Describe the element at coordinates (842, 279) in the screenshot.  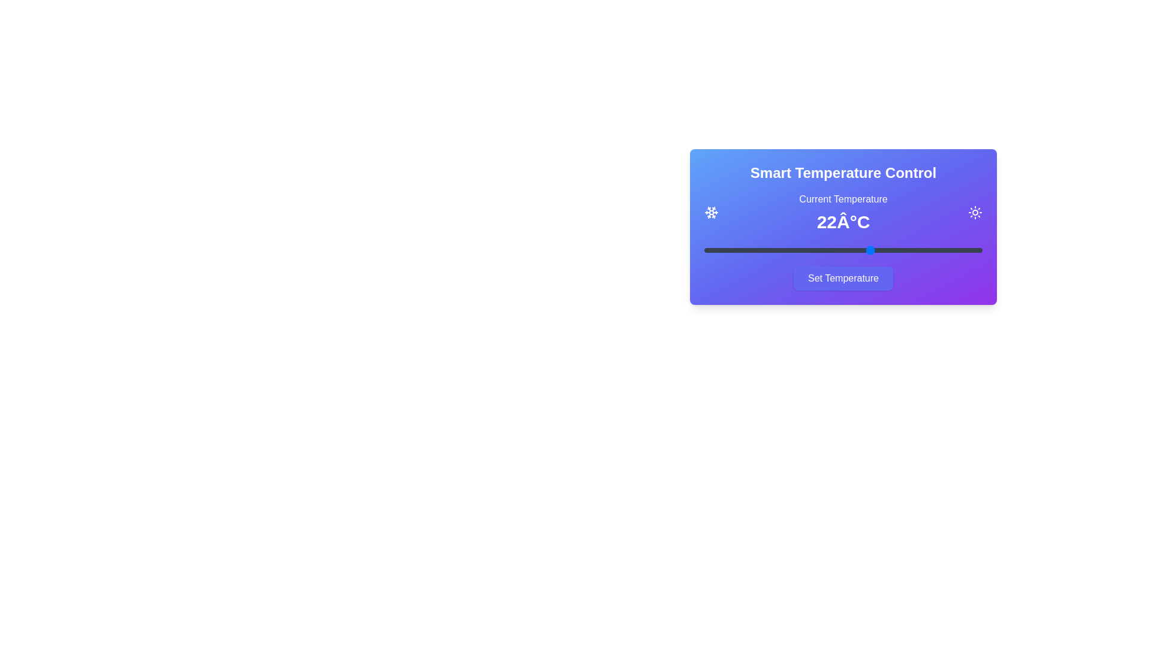
I see `the 'Set Temperature' button, which is a rectangular button with white text on a gradient blue to purple background, located at the bottom of the 'Smart Temperature Control' card` at that location.